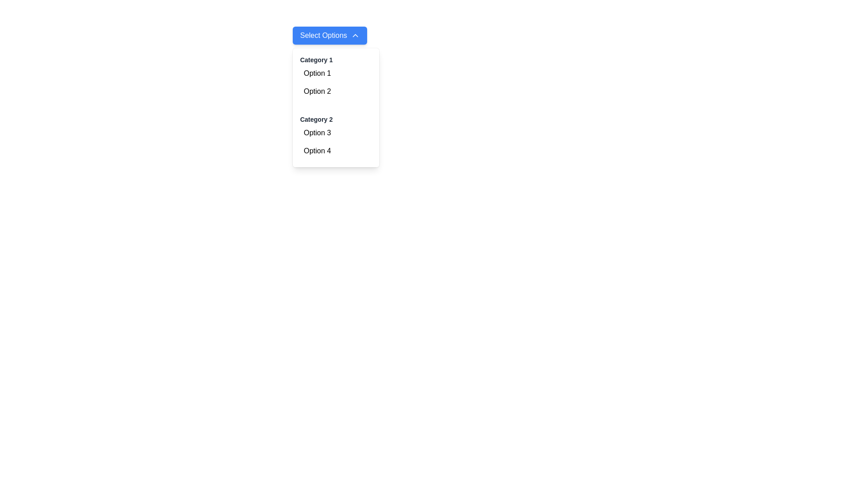 The image size is (866, 487). Describe the element at coordinates (336, 73) in the screenshot. I see `the first option in the 'Category 1' dropdown menu` at that location.